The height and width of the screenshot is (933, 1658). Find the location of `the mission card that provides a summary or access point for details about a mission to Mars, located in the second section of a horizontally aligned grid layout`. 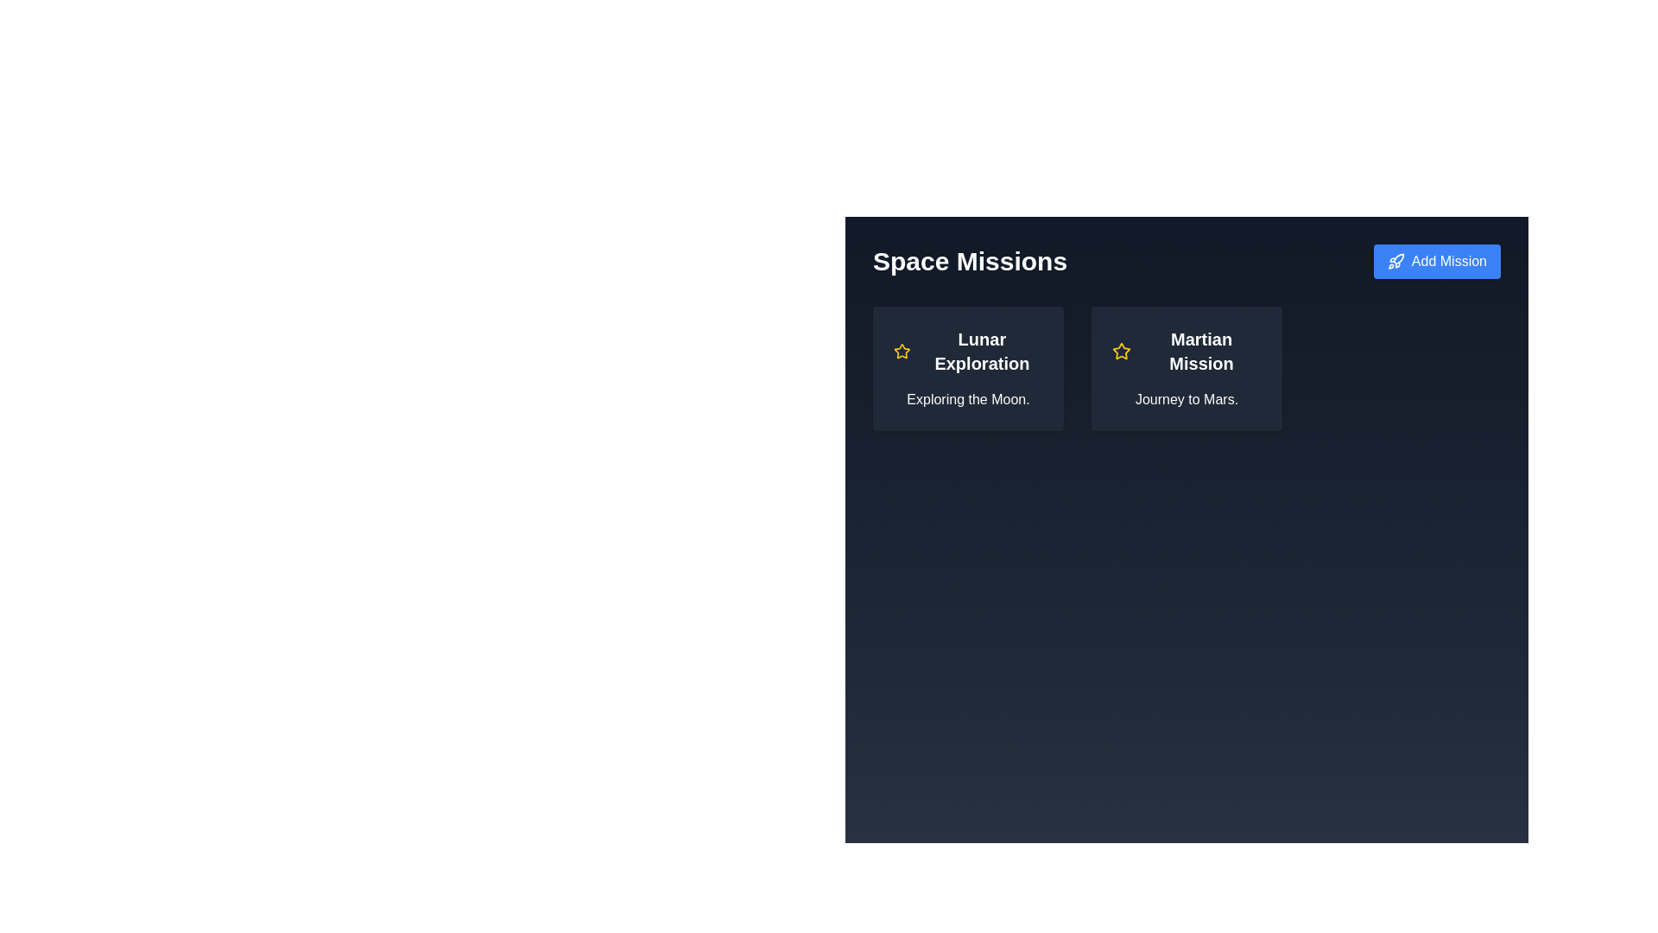

the mission card that provides a summary or access point for details about a mission to Mars, located in the second section of a horizontally aligned grid layout is located at coordinates (1186, 368).